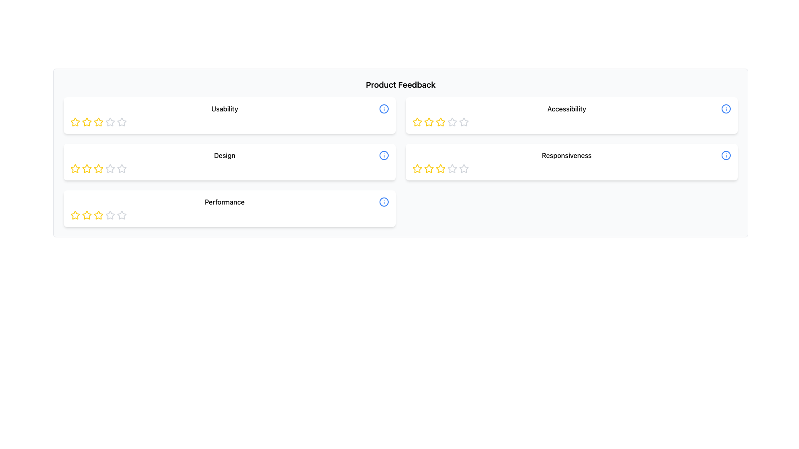 This screenshot has width=799, height=449. I want to click on the first star in the 'Accessibility' rating system, so click(417, 122).